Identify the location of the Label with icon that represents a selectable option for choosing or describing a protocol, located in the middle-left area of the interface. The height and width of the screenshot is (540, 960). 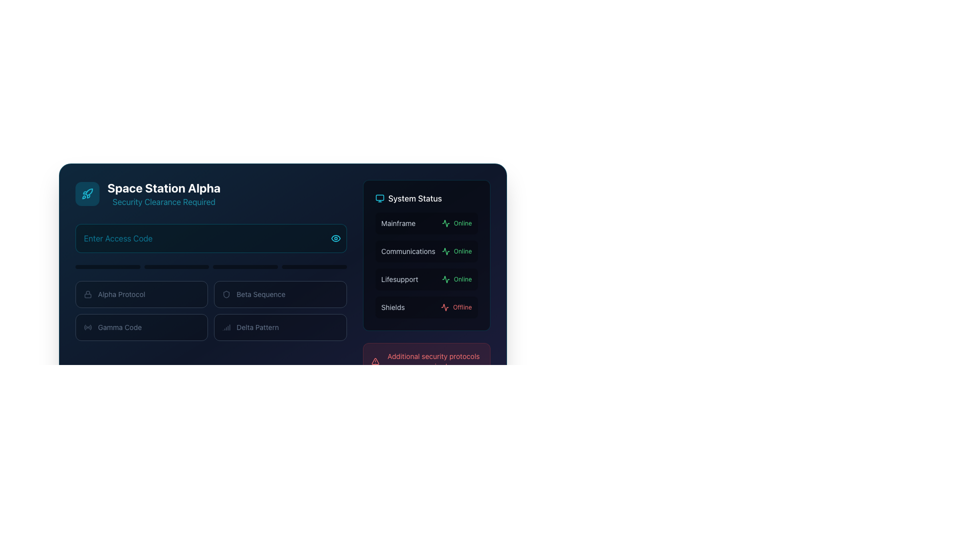
(141, 294).